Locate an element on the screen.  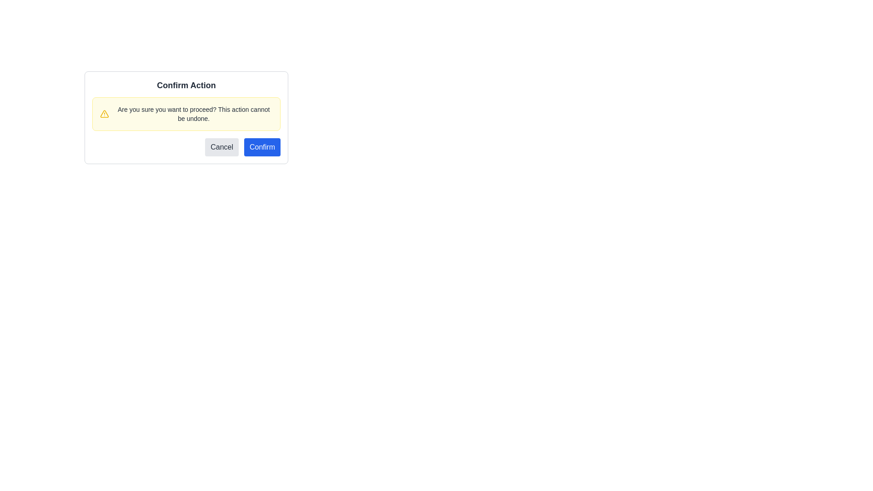
the Static Text Header located at the top of the modal dialog, which summarizes the purpose or context of the actions below is located at coordinates (186, 85).